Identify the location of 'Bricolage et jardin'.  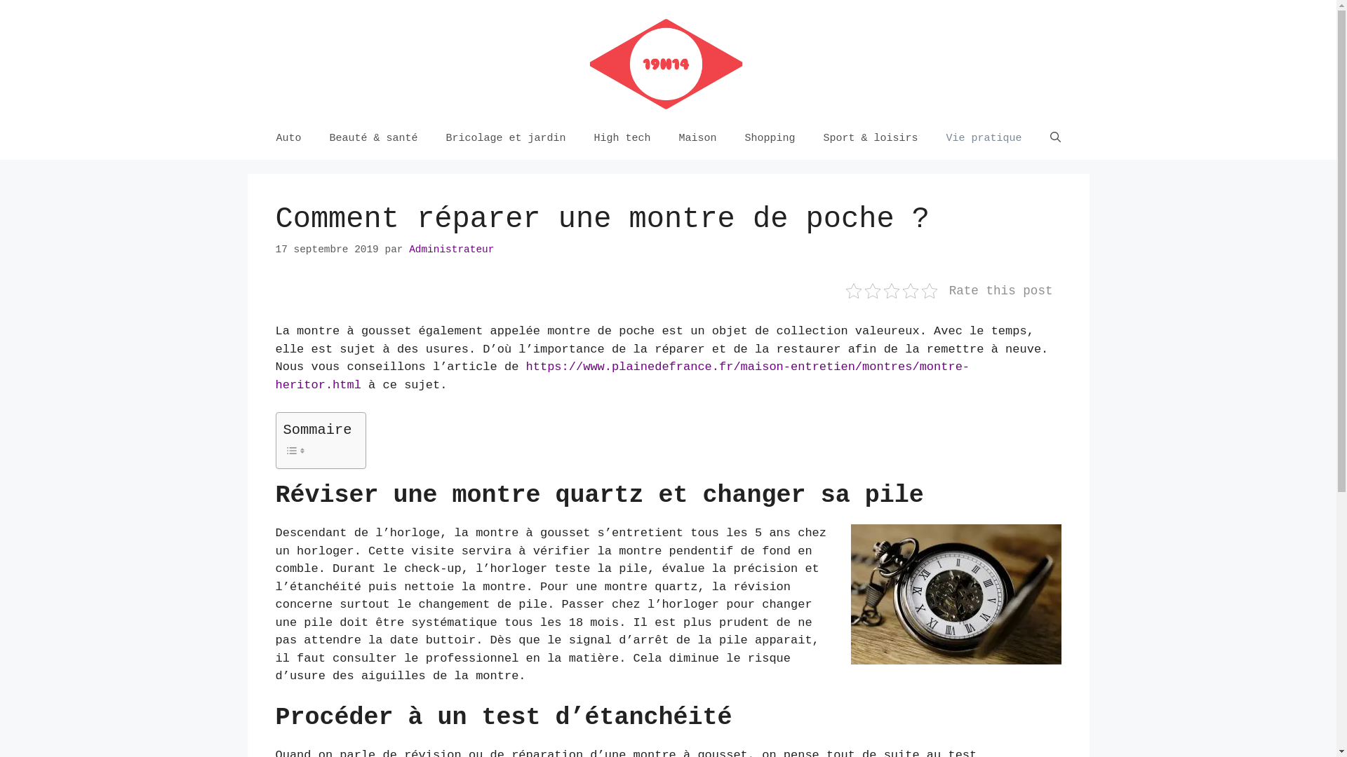
(505, 138).